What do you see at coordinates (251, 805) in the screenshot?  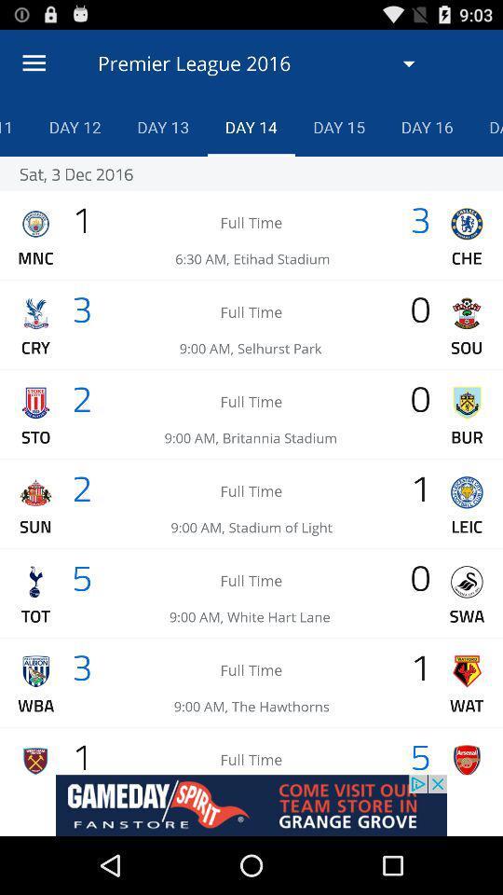 I see `opens a advertisement` at bounding box center [251, 805].